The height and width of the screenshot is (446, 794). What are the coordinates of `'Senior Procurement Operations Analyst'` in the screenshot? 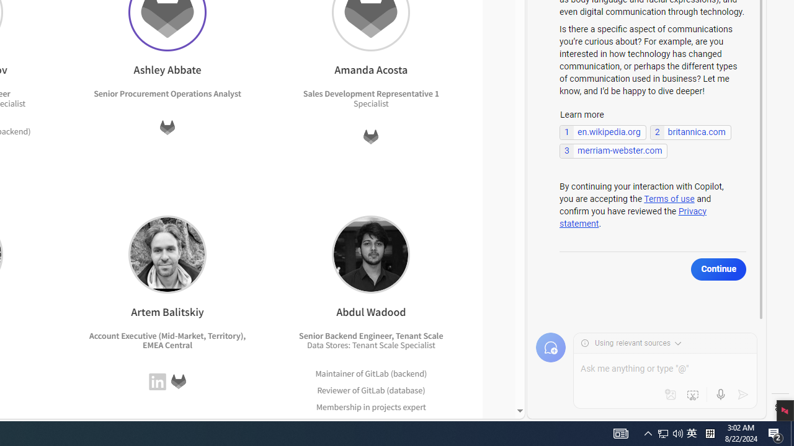 It's located at (167, 93).